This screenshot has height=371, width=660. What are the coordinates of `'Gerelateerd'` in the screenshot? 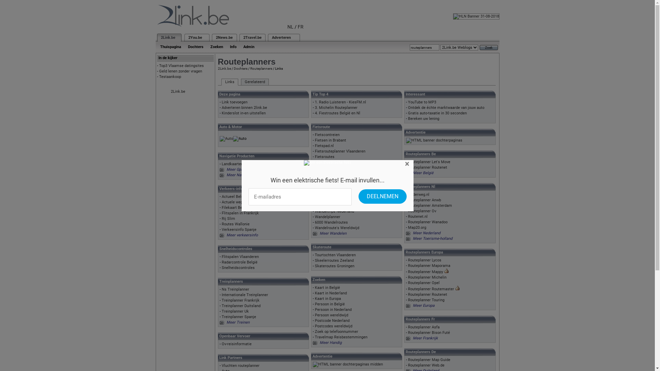 It's located at (254, 82).